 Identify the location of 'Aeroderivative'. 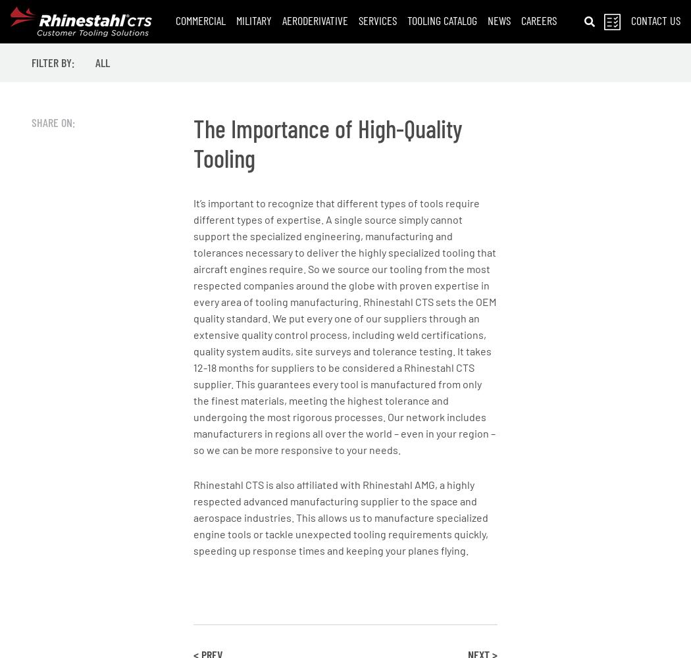
(282, 20).